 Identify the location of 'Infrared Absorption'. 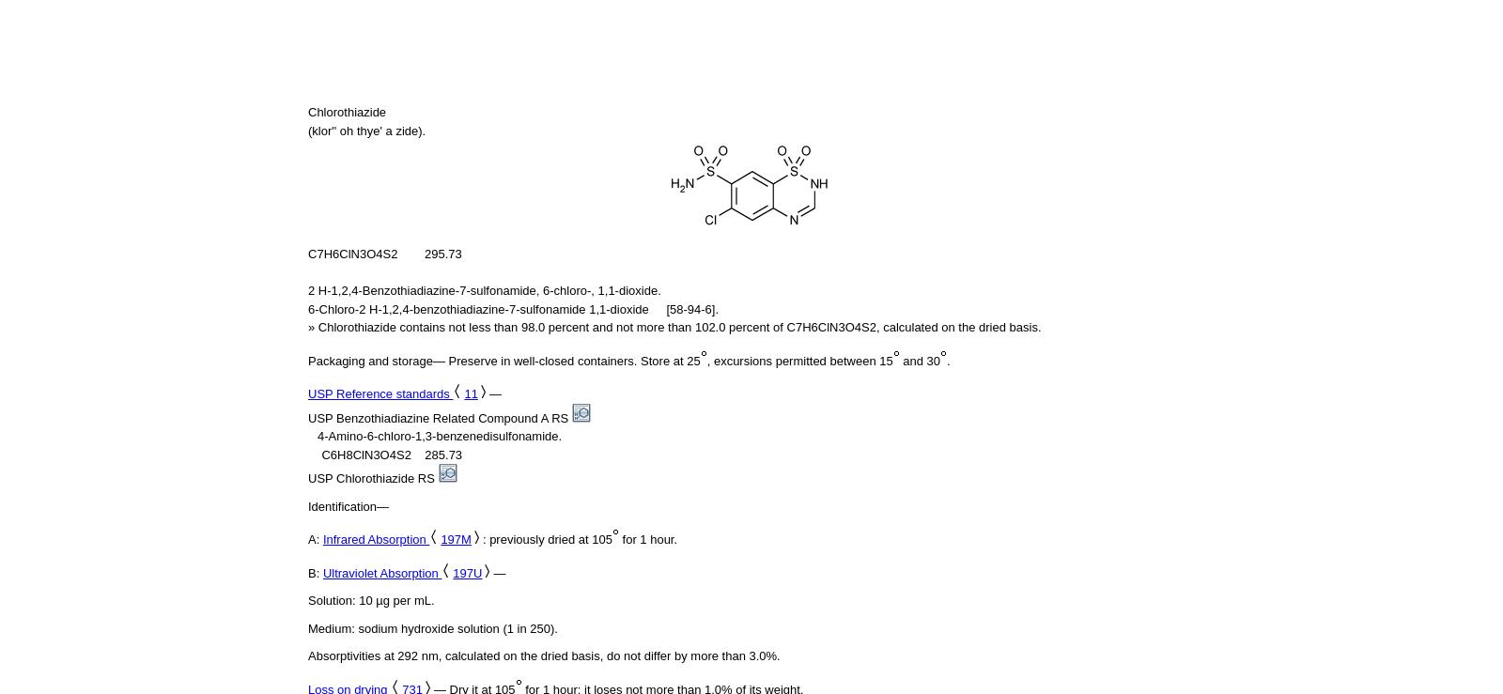
(376, 539).